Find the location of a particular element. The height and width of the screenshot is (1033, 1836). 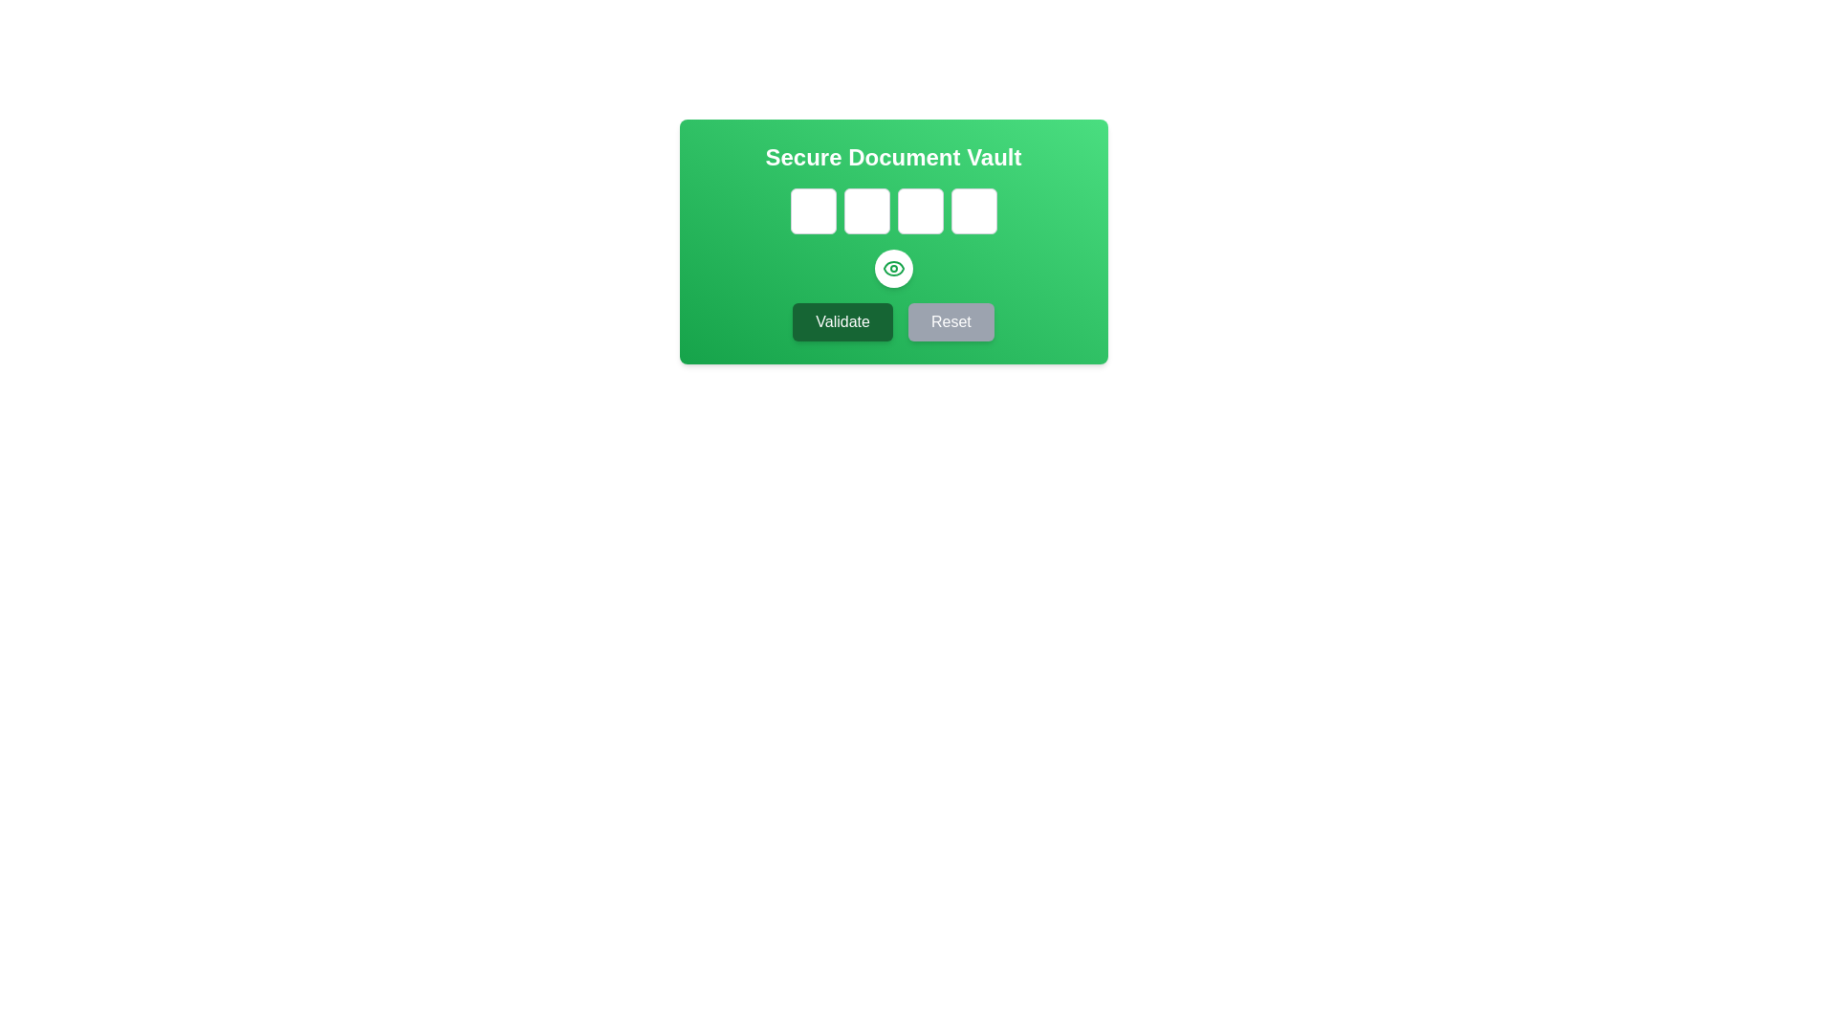

the reset button located to the right of the 'Validate' button and below the green panel labeled 'Secure Document Vault' is located at coordinates (951, 320).